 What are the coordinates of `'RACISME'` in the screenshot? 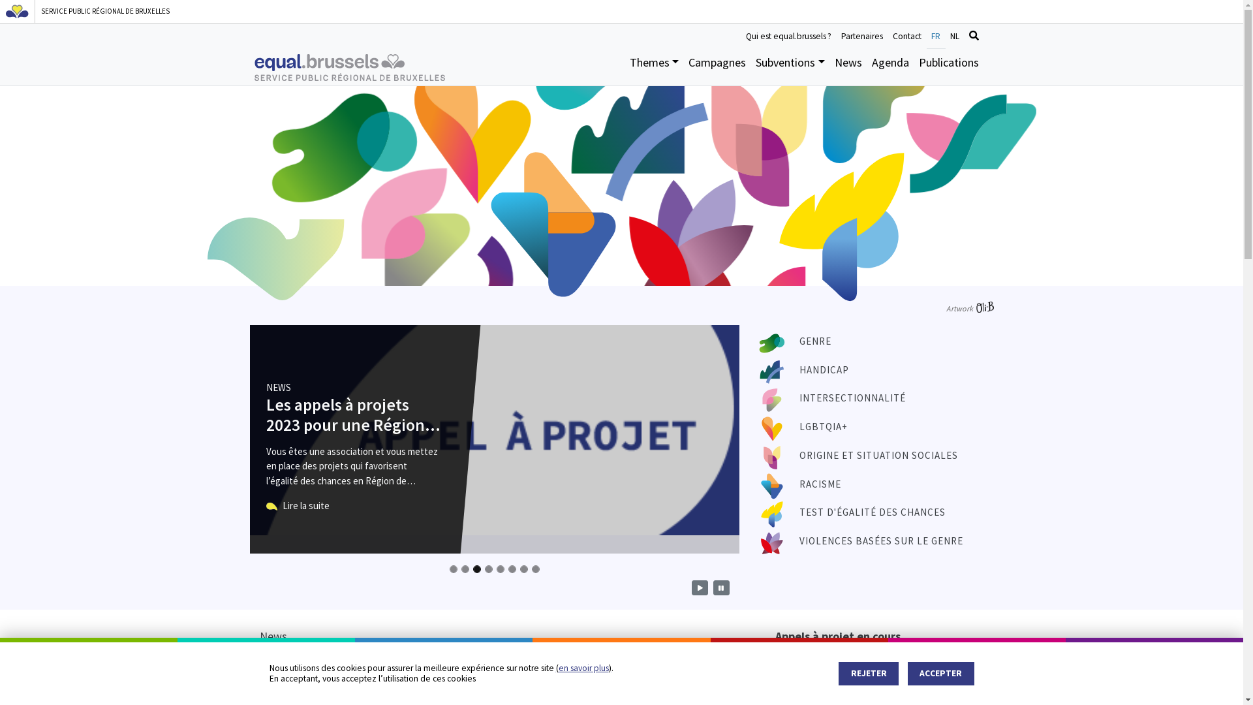 It's located at (820, 484).